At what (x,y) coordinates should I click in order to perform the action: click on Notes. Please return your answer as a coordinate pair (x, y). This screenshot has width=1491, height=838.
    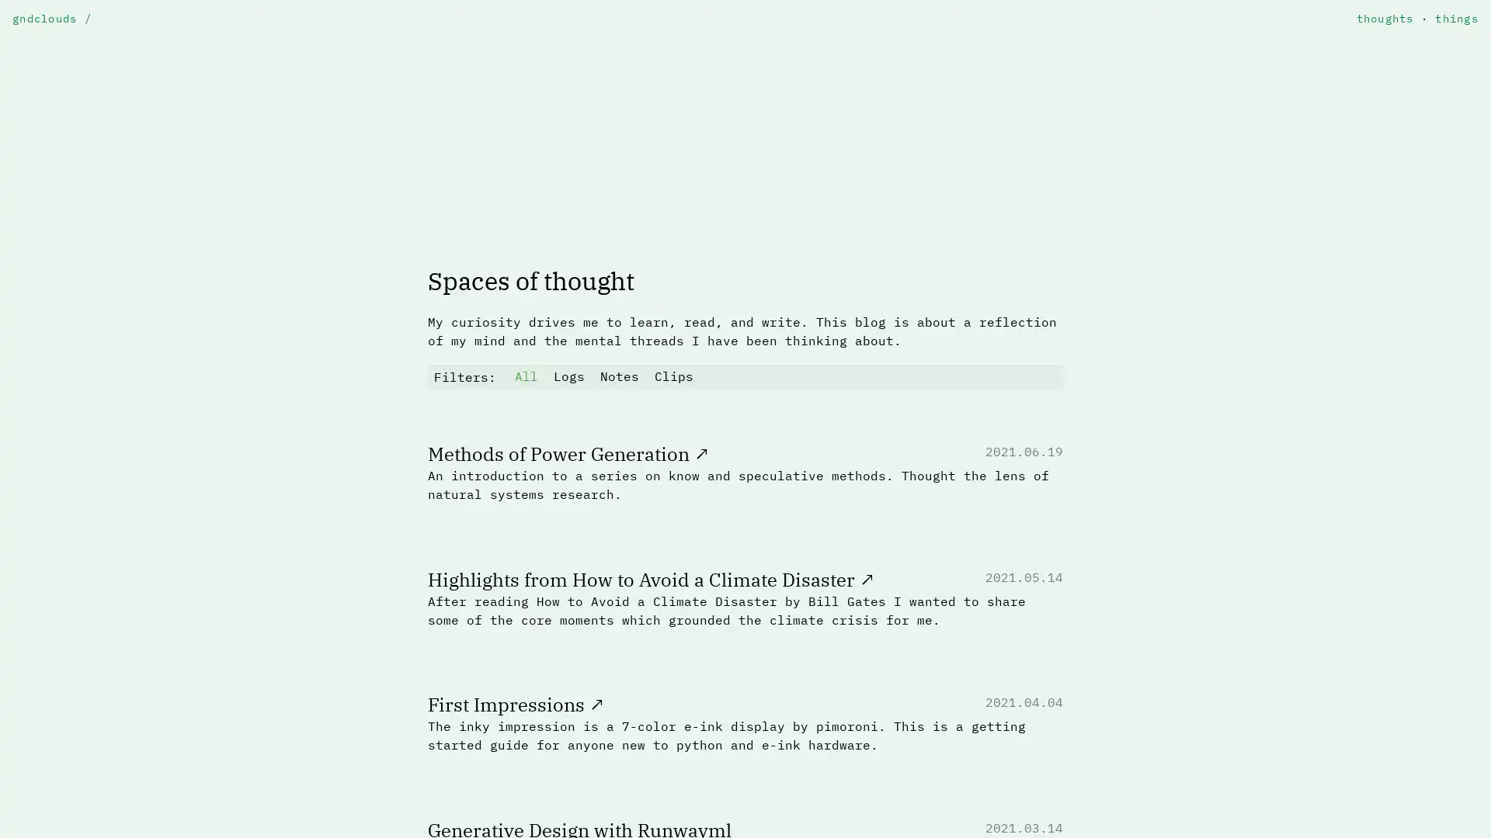
    Looking at the image, I should click on (618, 376).